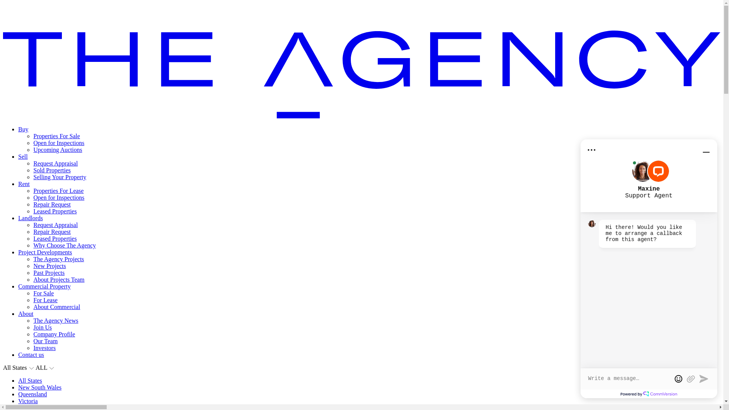 Image resolution: width=729 pixels, height=410 pixels. Describe the element at coordinates (39, 387) in the screenshot. I see `'New South Wales'` at that location.